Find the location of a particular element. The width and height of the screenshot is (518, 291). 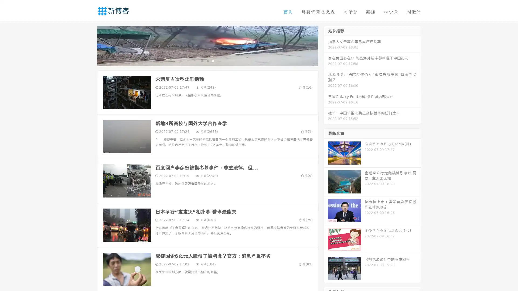

Go to slide 1 is located at coordinates (202, 61).